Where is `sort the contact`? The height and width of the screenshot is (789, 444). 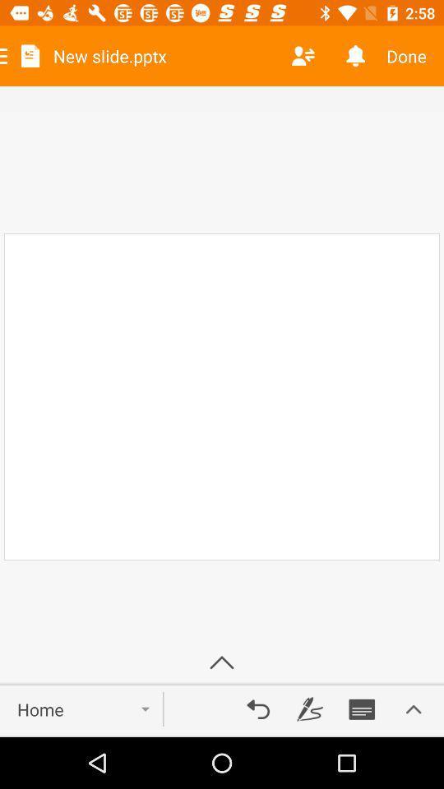
sort the contact is located at coordinates (302, 56).